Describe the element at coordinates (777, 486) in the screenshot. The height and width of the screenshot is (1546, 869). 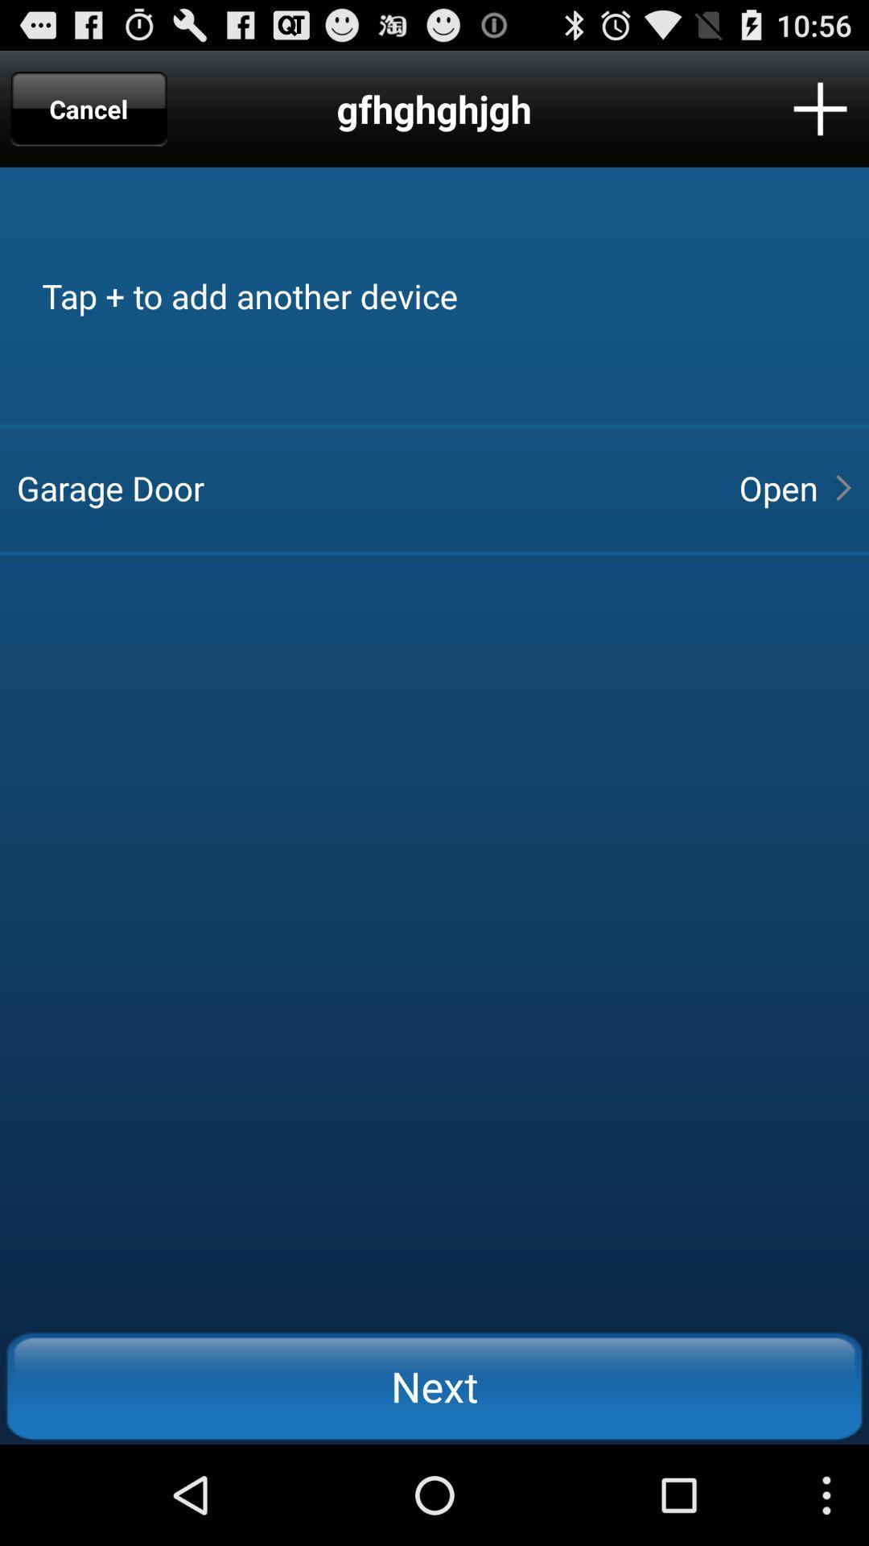
I see `open item` at that location.